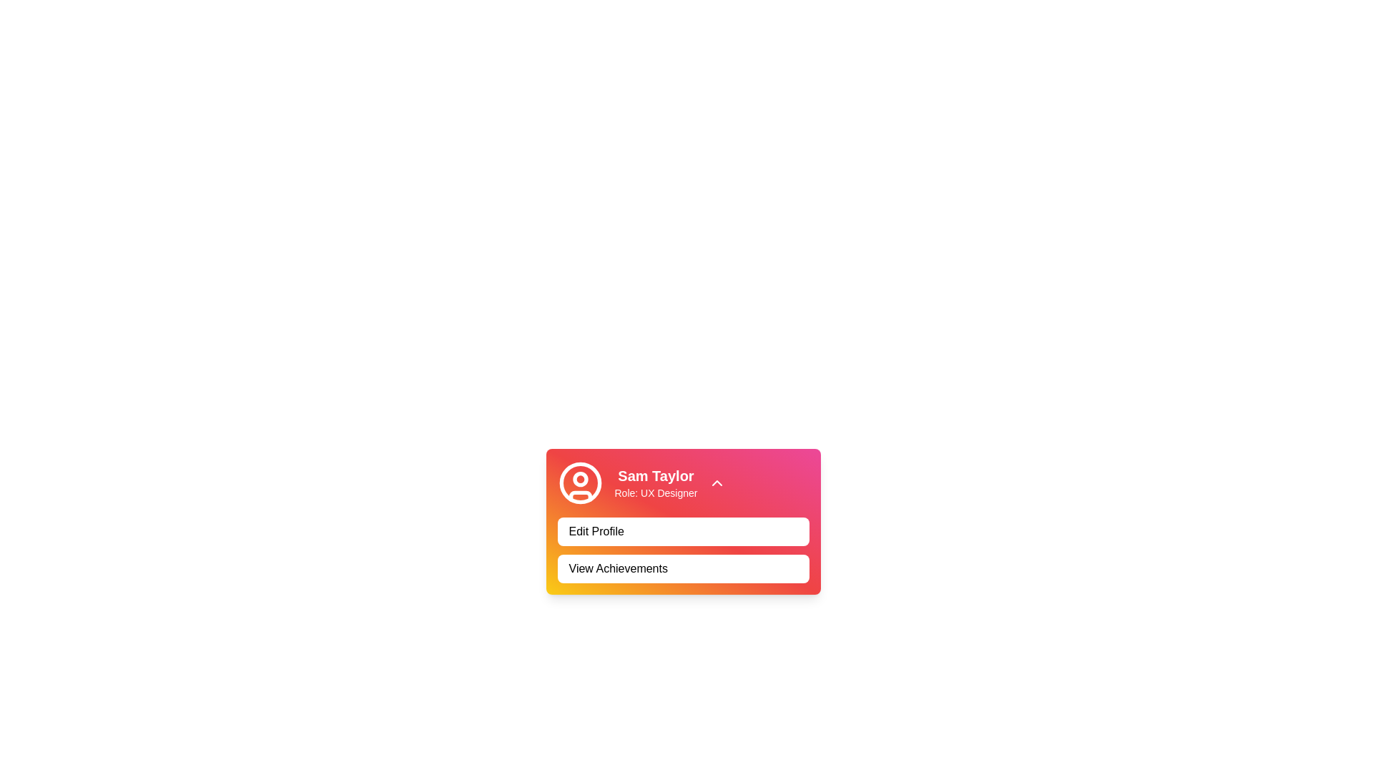  What do you see at coordinates (580, 482) in the screenshot?
I see `the central circular component of the user profile icon, which is located to the left of the username 'Sam Taylor' and role 'UX Designer'` at bounding box center [580, 482].